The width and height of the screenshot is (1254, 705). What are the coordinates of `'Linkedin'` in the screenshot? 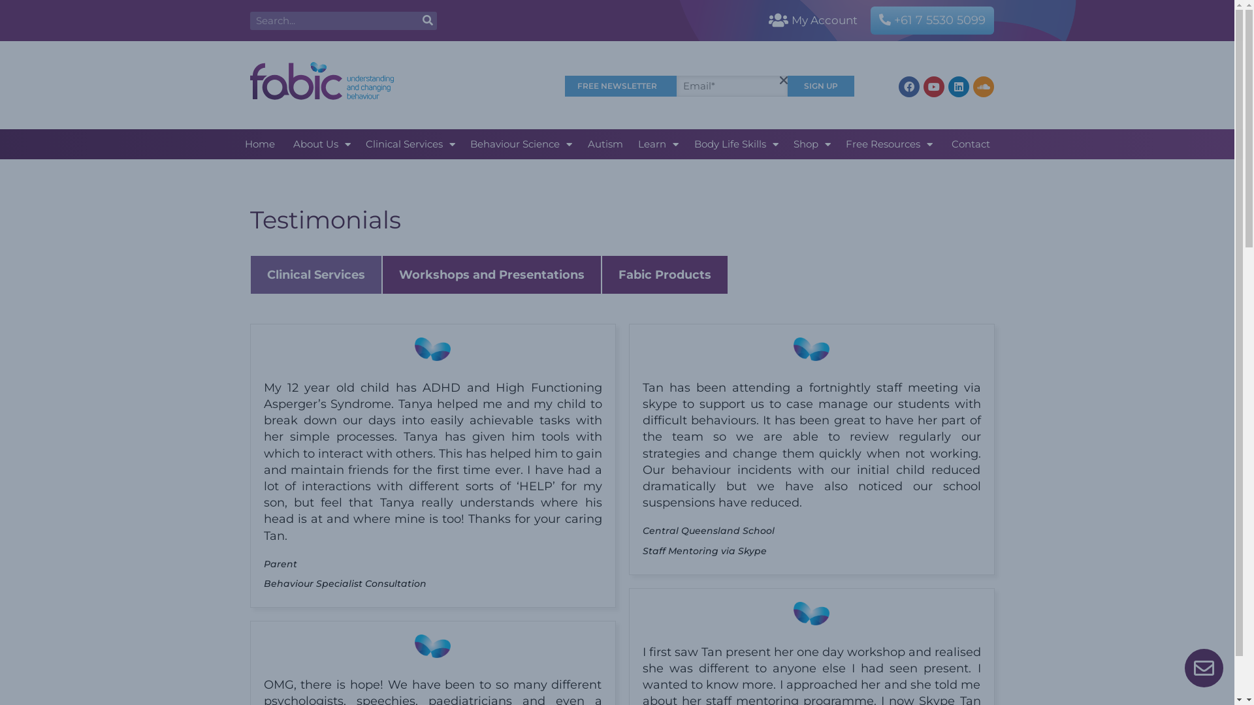 It's located at (959, 86).